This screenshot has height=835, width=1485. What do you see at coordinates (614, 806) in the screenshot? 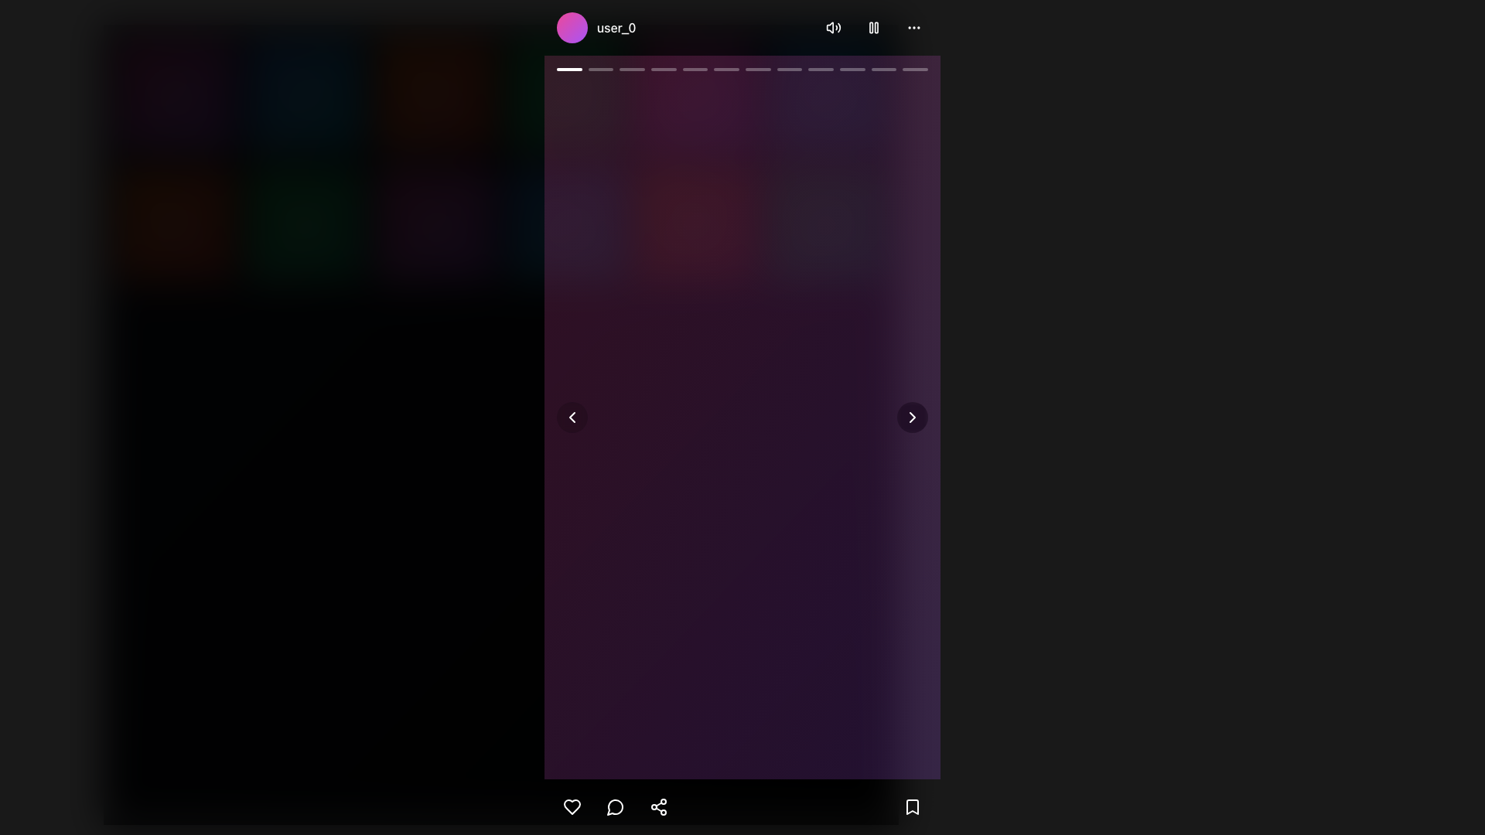
I see `the comment icon button located second from the left in the bottom action bar` at bounding box center [614, 806].